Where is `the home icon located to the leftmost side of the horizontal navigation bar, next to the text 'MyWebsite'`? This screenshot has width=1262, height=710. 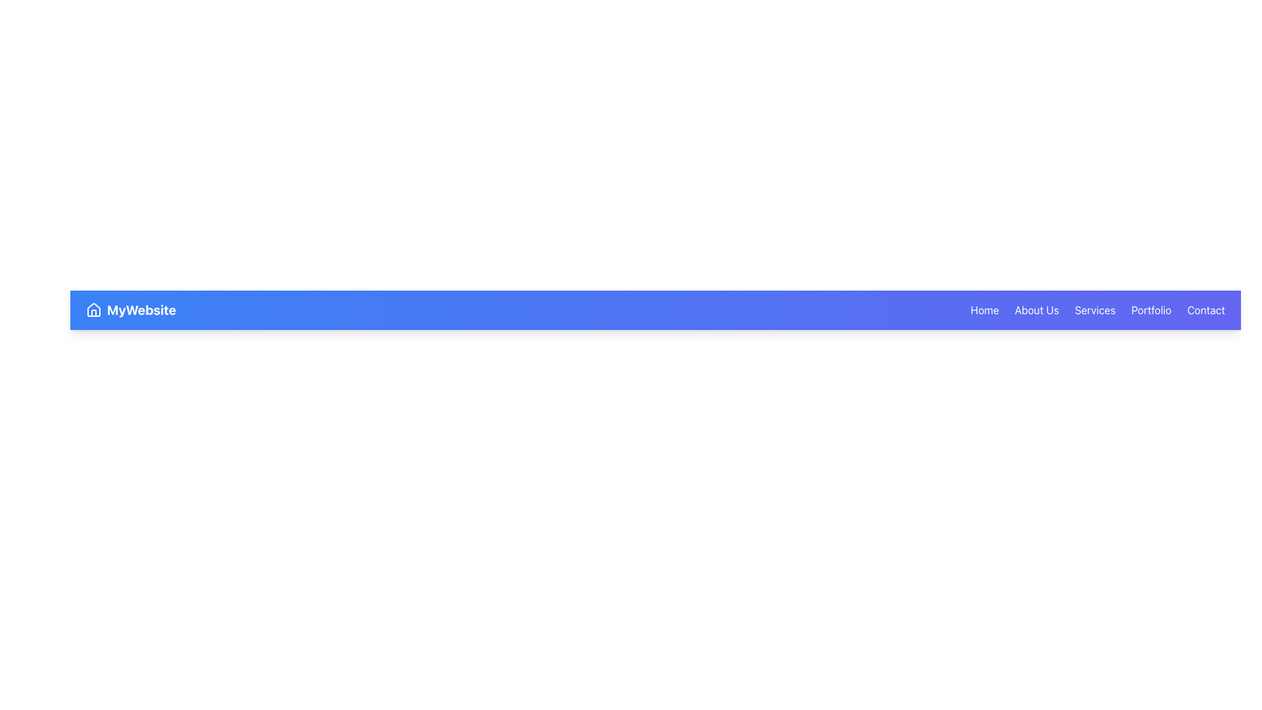
the home icon located to the leftmost side of the horizontal navigation bar, next to the text 'MyWebsite' is located at coordinates (93, 309).